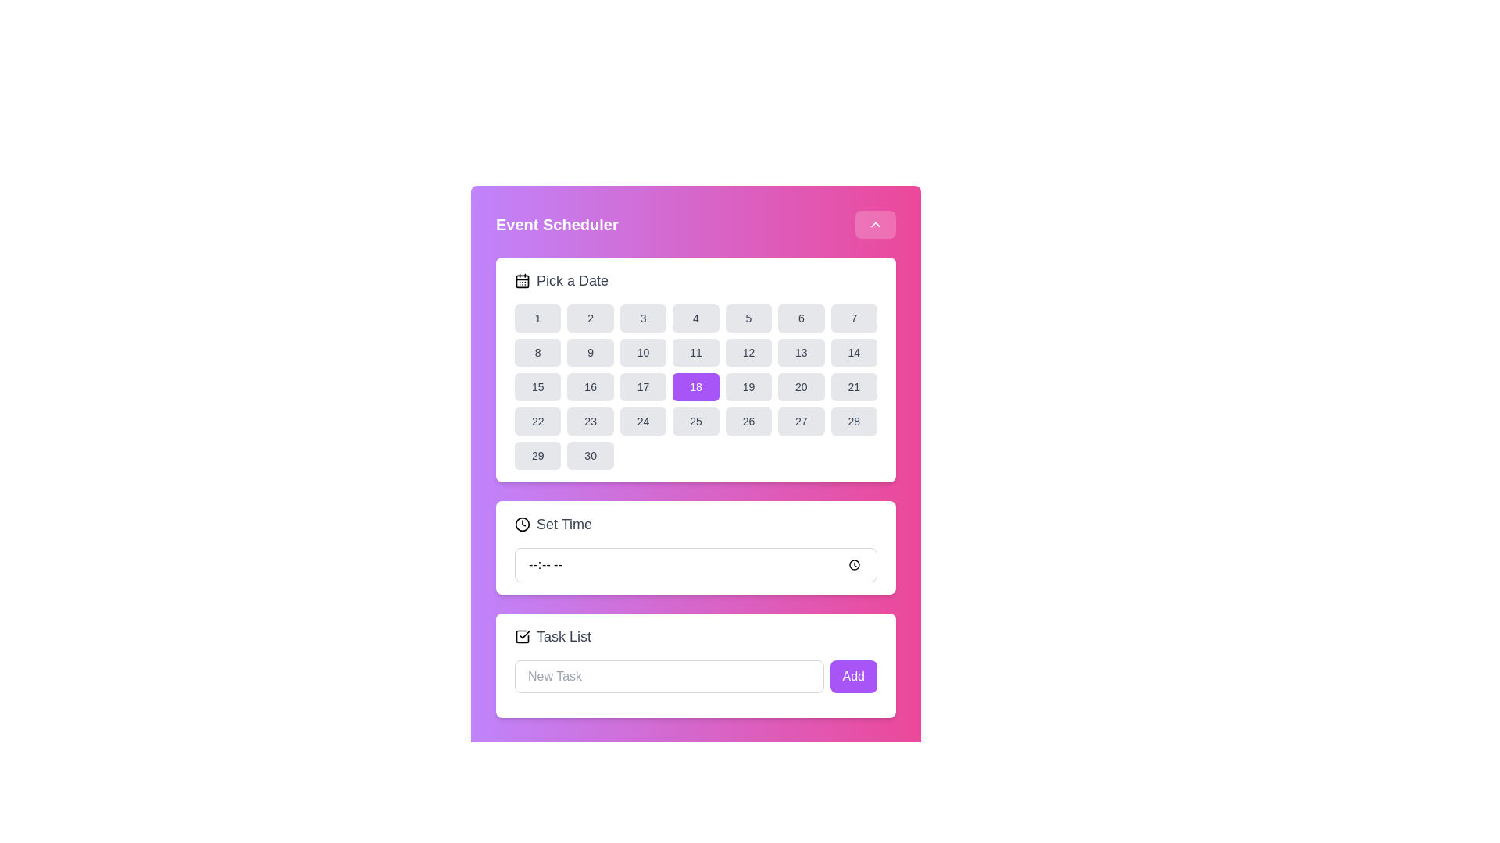  What do you see at coordinates (643, 421) in the screenshot?
I see `the date selector button for the 24th day of the month` at bounding box center [643, 421].